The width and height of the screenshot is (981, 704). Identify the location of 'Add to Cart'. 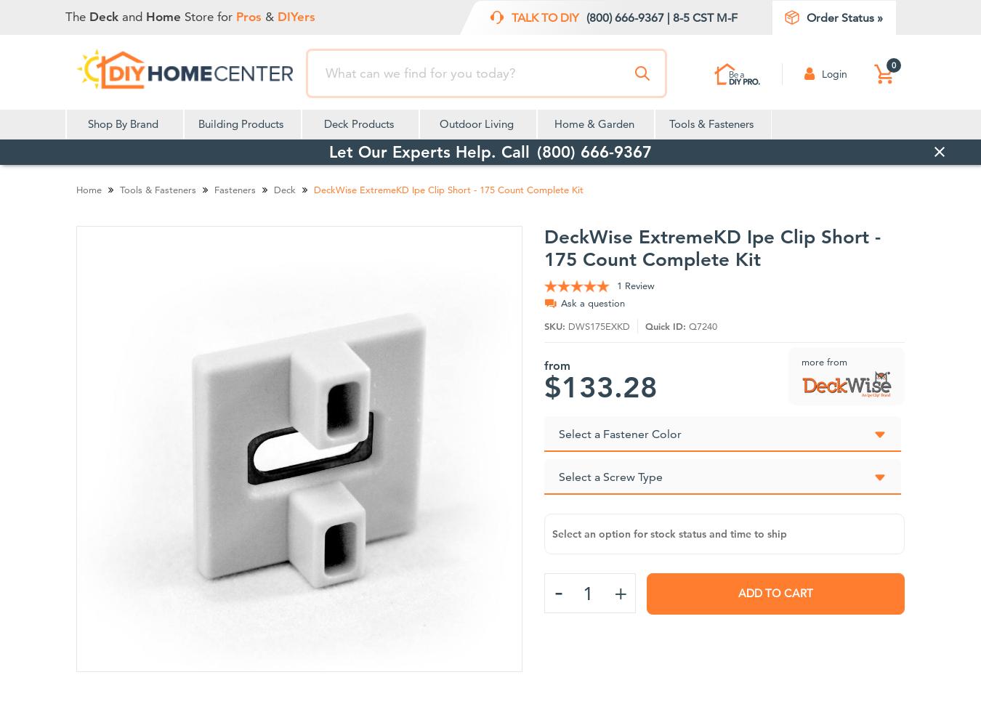
(775, 592).